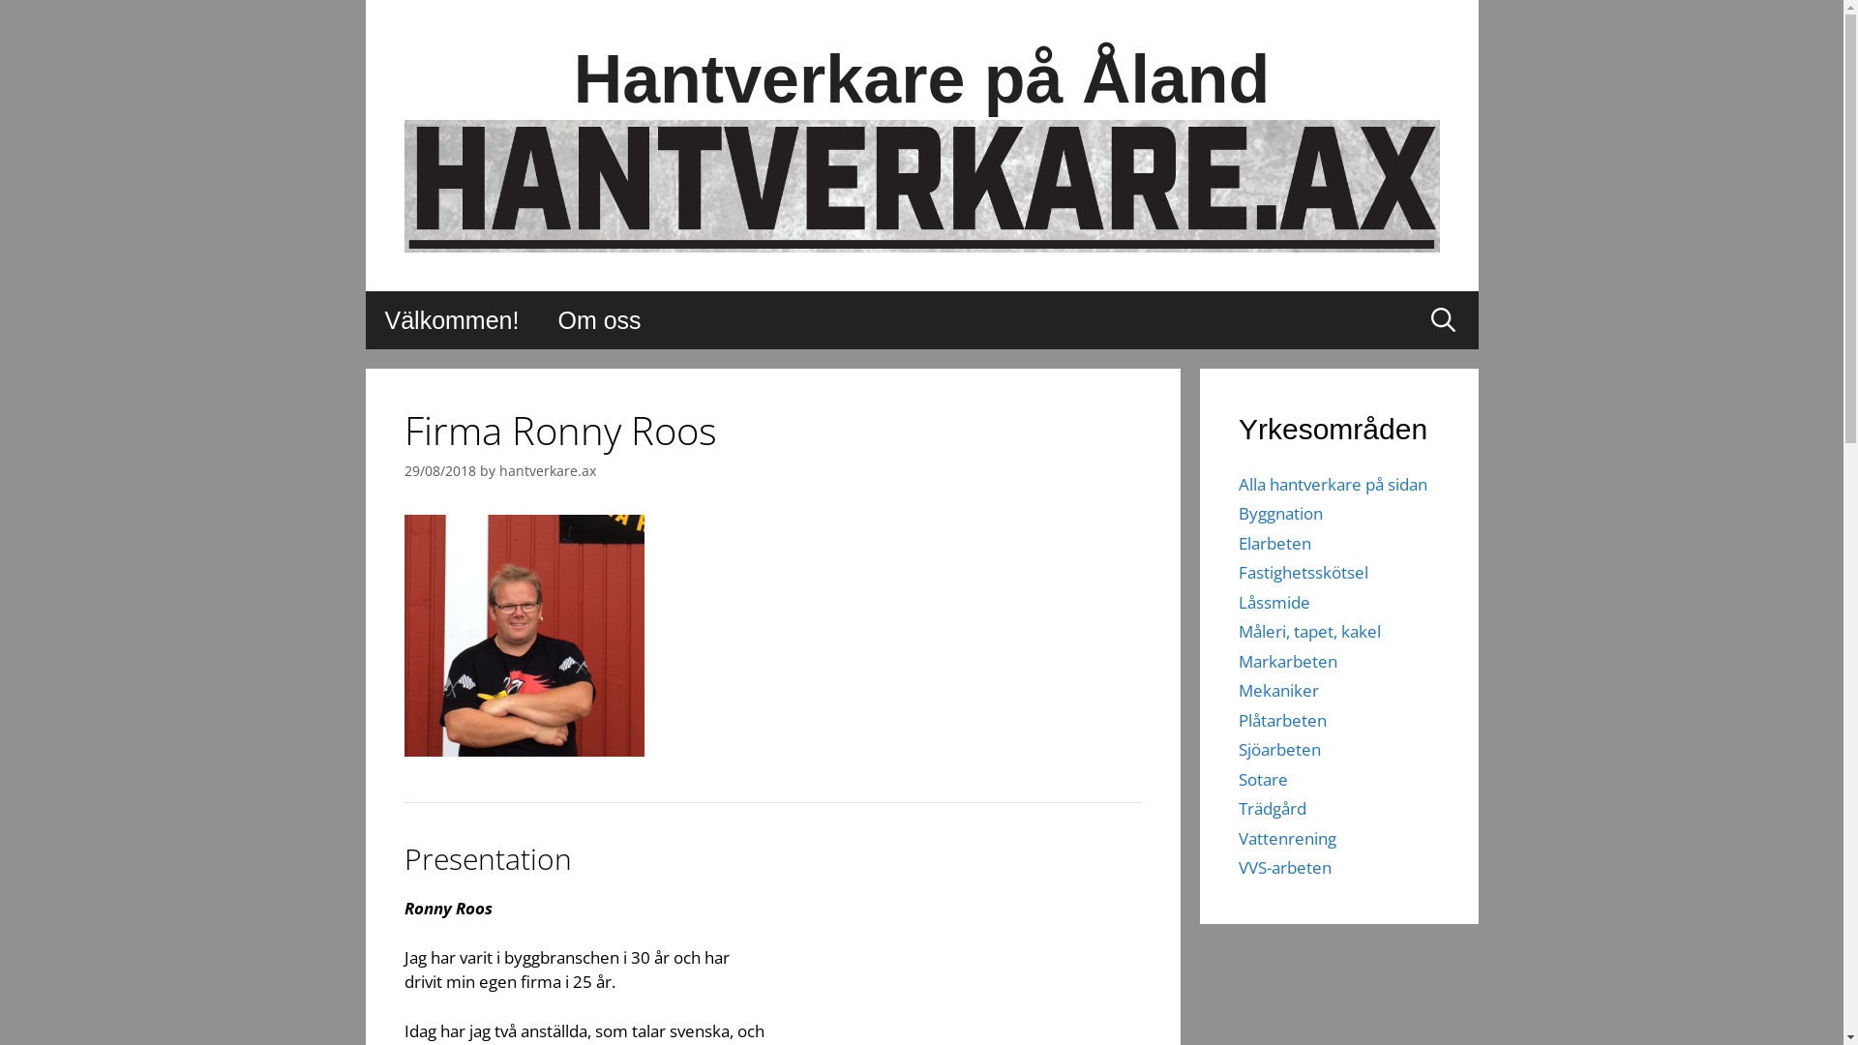 This screenshot has width=1858, height=1045. I want to click on 'Vattenrening', so click(1287, 837).